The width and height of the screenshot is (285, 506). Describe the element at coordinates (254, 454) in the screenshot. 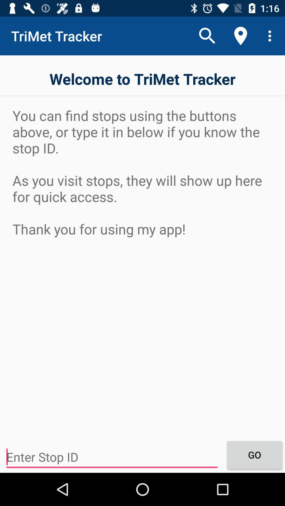

I see `the go at the bottom right corner` at that location.